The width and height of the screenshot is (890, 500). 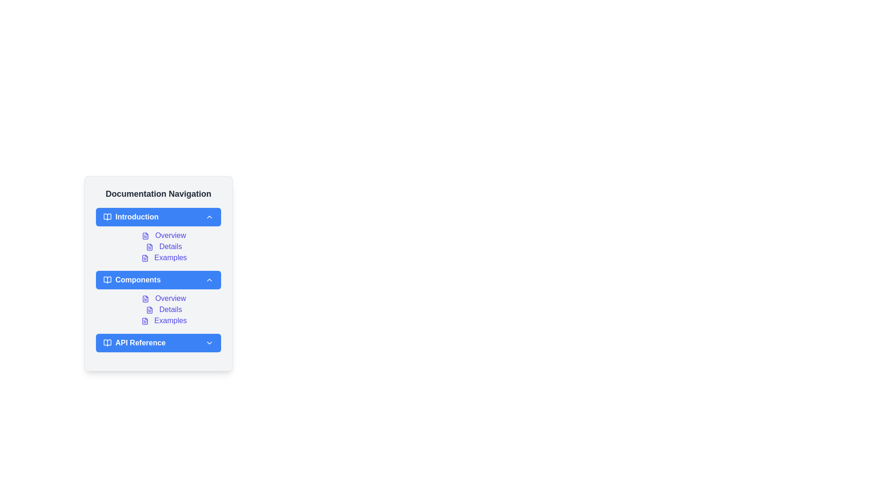 I want to click on the file icon in the navigation menu, located adjacent to the 'Details' link under the 'Components' section, so click(x=150, y=310).